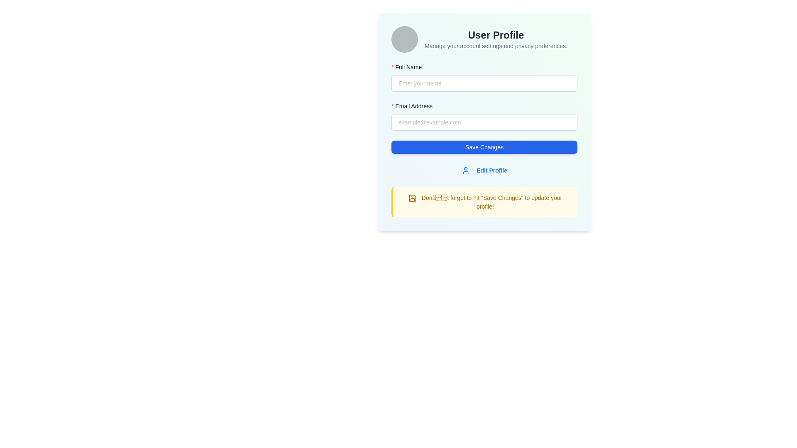 The width and height of the screenshot is (797, 448). I want to click on the floppy disk icon that indicates save functionality, located to the left of the 'Don’t forget to hit "Save Changes" to update your profile!' text within the yellow warning box, so click(412, 198).